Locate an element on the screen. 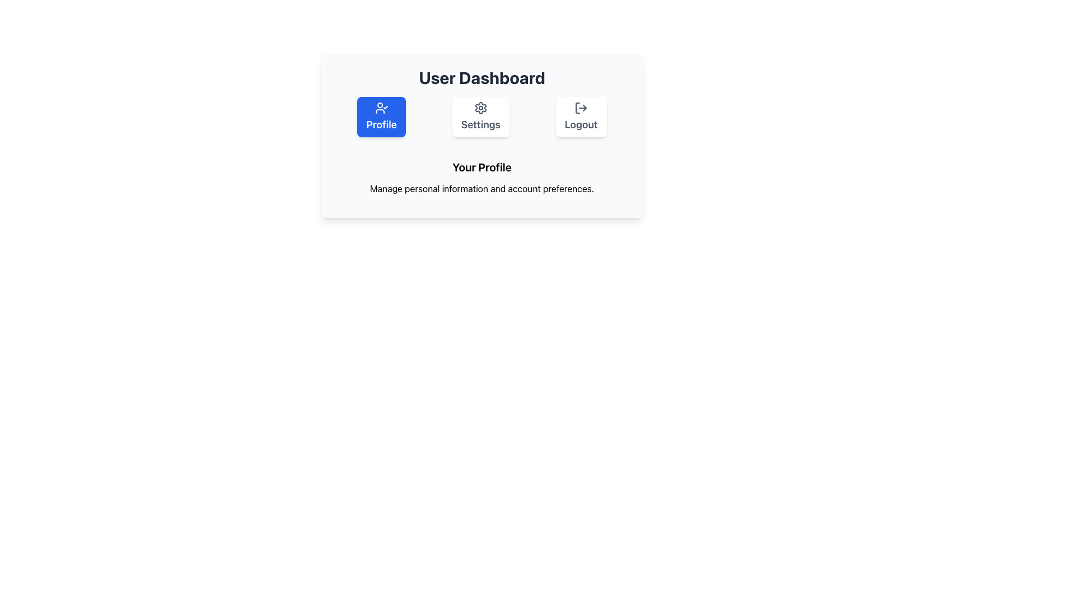 The height and width of the screenshot is (605, 1075). the logout button, which is the rightmost button in a group of three buttons is located at coordinates (581, 117).